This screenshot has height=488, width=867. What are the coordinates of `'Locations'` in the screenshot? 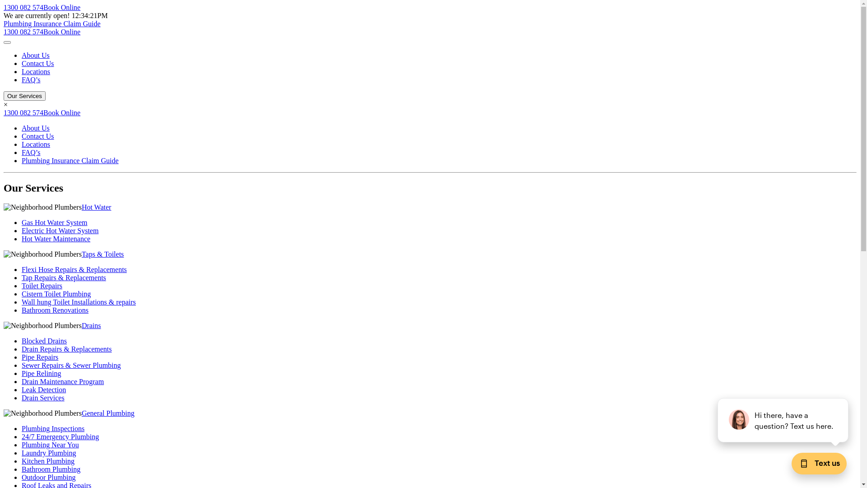 It's located at (36, 144).